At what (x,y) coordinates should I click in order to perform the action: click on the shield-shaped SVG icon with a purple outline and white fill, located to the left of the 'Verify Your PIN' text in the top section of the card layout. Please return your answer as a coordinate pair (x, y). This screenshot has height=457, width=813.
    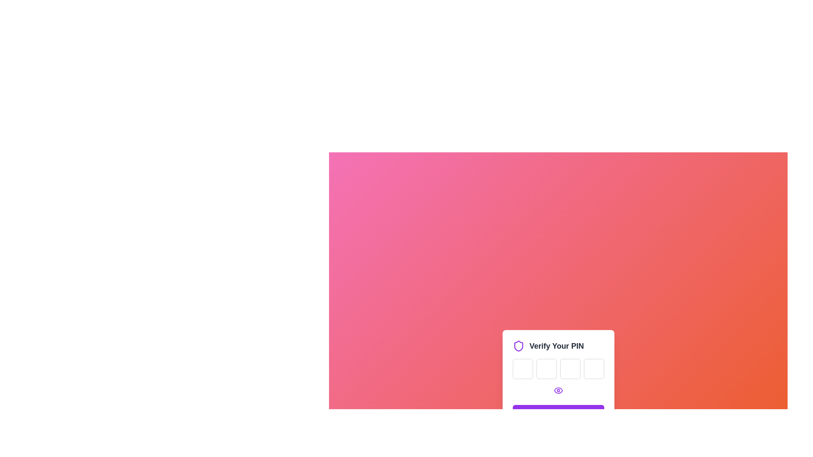
    Looking at the image, I should click on (518, 346).